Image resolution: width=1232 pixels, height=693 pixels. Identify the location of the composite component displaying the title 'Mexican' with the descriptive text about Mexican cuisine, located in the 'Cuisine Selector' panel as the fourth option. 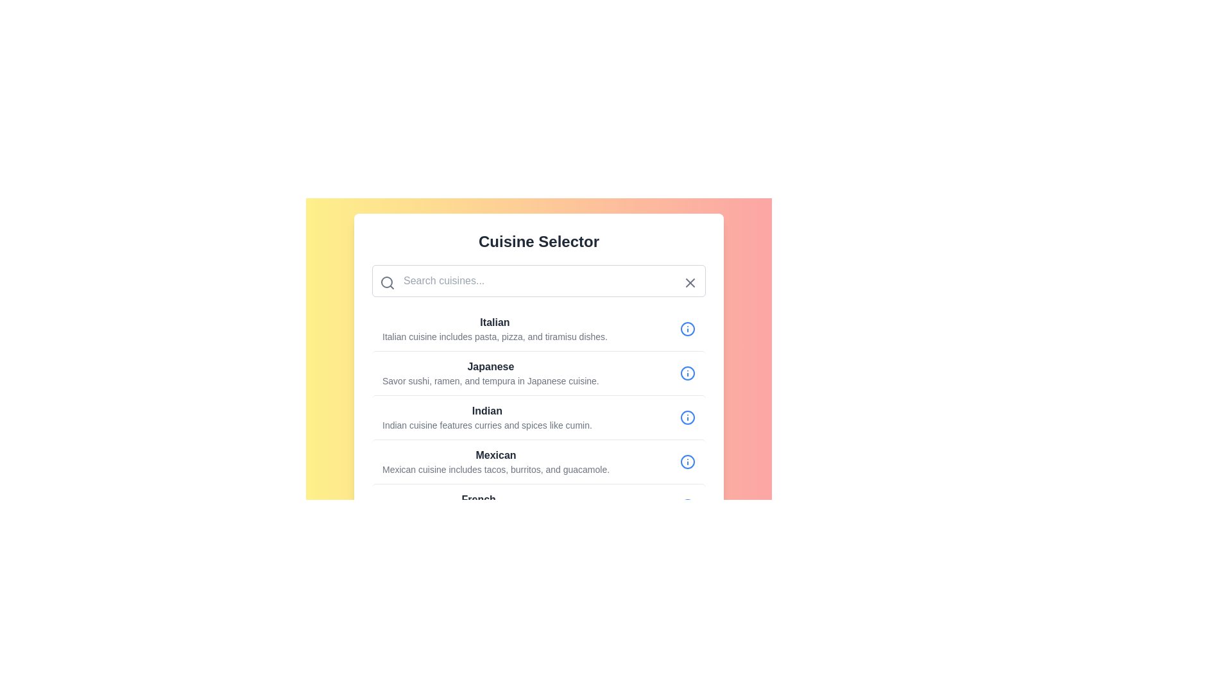
(495, 462).